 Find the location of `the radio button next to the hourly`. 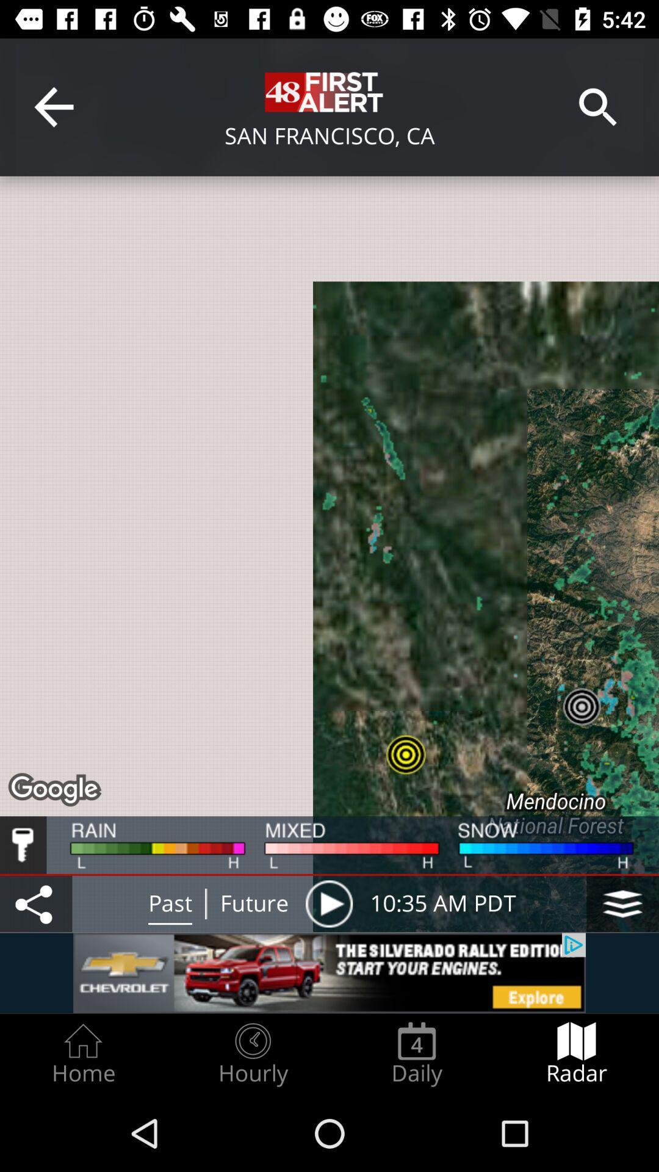

the radio button next to the hourly is located at coordinates (416, 1054).